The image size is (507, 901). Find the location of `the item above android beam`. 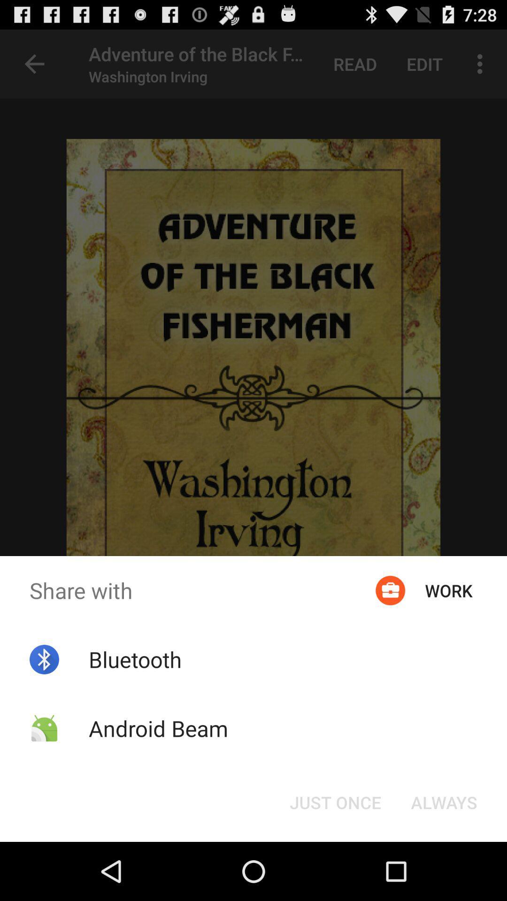

the item above android beam is located at coordinates (135, 659).